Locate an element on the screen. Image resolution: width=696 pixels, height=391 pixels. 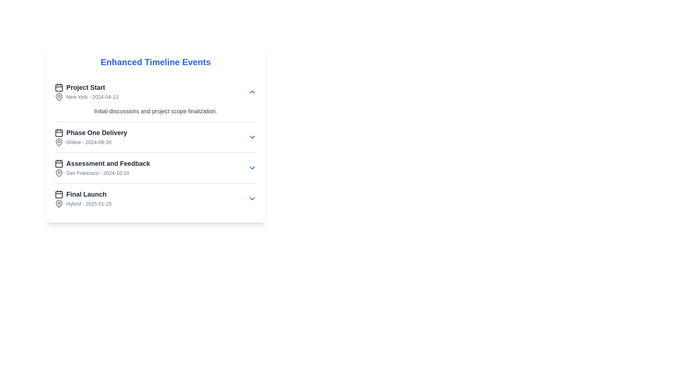
the timeline event element representing 'Phase One Delivery', which is the second item in a vertical list of four timeline events is located at coordinates (91, 137).